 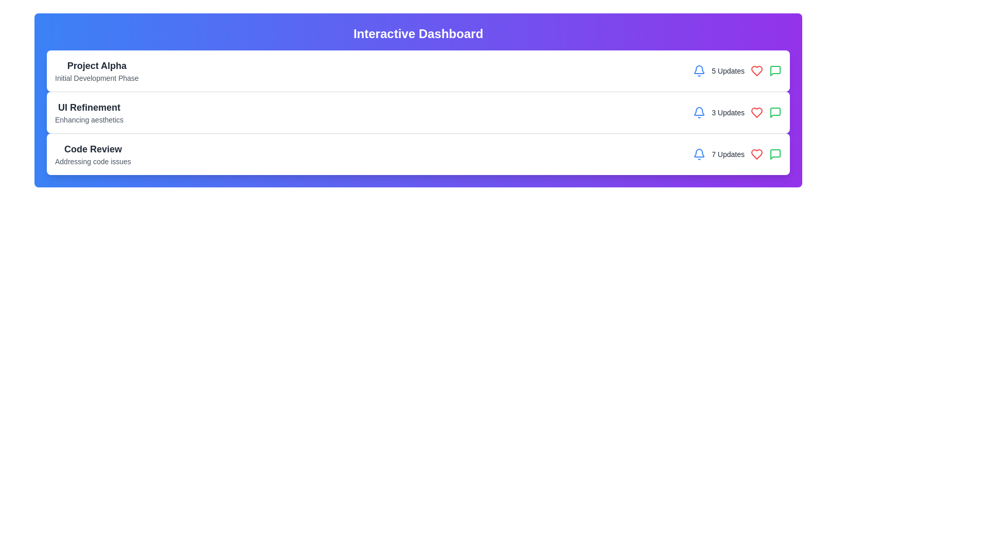 I want to click on the message or comments icon located in the third row of the dashboard layout, positioned to the far right next to other small icons, so click(x=775, y=71).